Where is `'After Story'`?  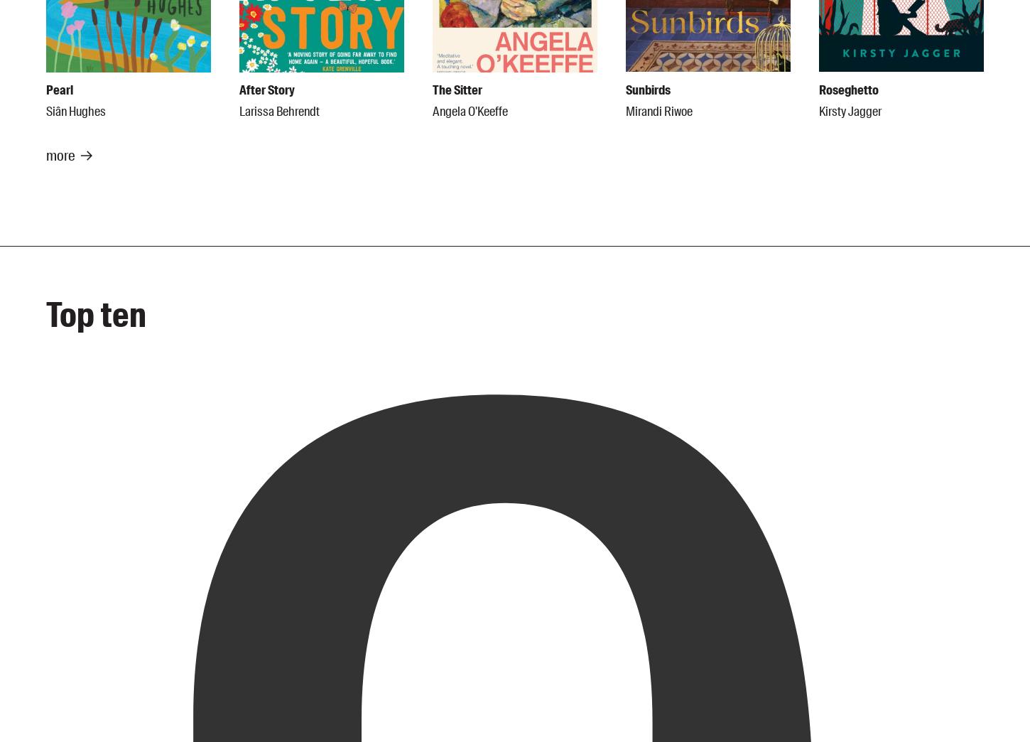 'After Story' is located at coordinates (266, 90).